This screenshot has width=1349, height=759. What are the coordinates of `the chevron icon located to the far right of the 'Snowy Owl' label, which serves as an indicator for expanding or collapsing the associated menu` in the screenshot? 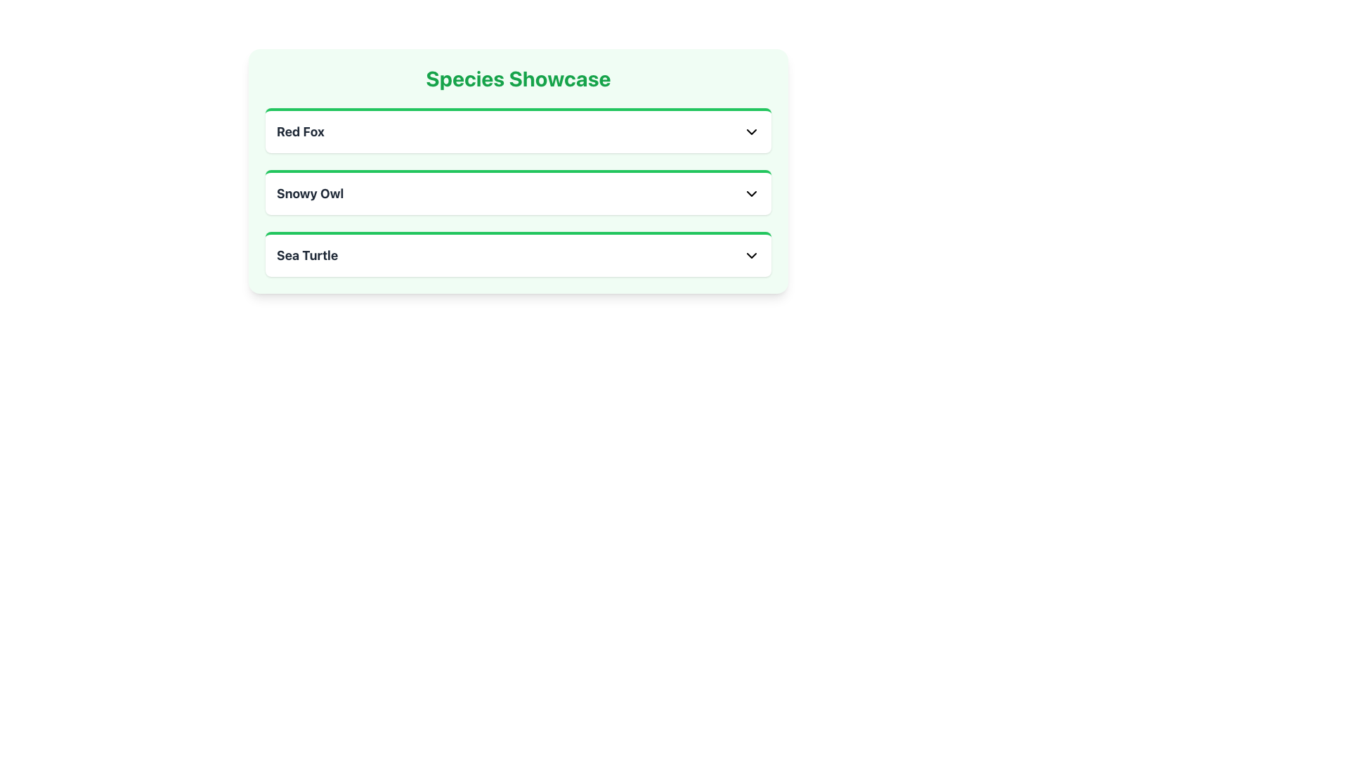 It's located at (751, 194).